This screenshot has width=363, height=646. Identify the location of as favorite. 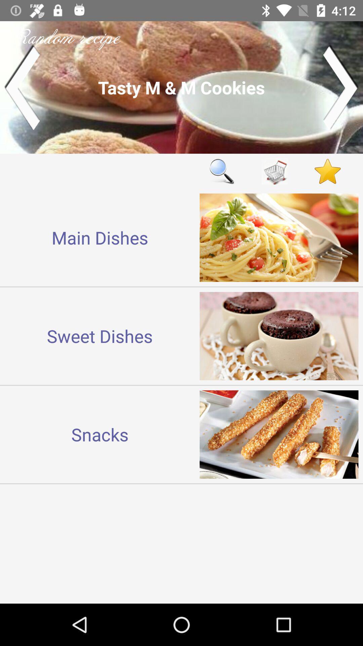
(327, 171).